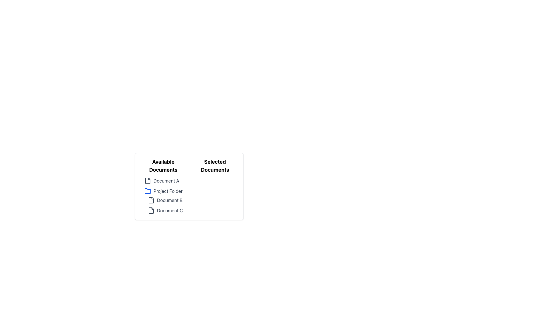 Image resolution: width=550 pixels, height=309 pixels. What do you see at coordinates (165, 181) in the screenshot?
I see `the selectable item labeled 'Document A' with a gray folder icon` at bounding box center [165, 181].